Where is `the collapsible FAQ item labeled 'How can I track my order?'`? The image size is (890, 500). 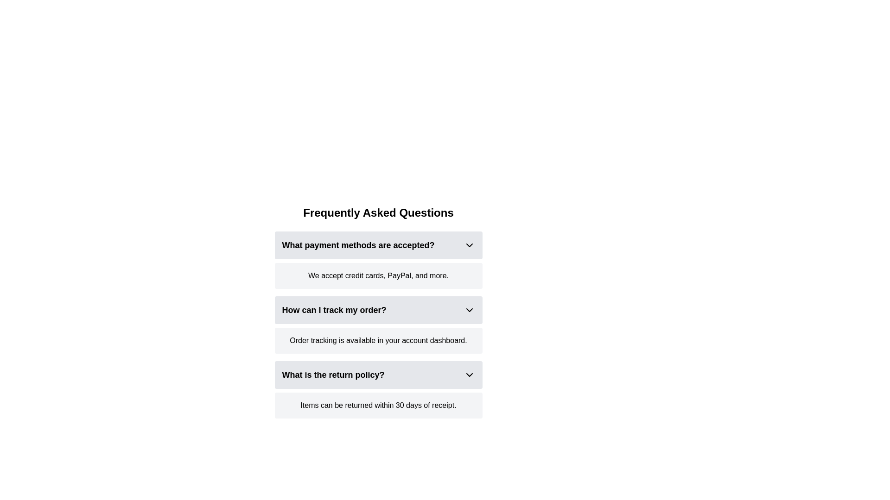
the collapsible FAQ item labeled 'How can I track my order?' is located at coordinates (378, 312).